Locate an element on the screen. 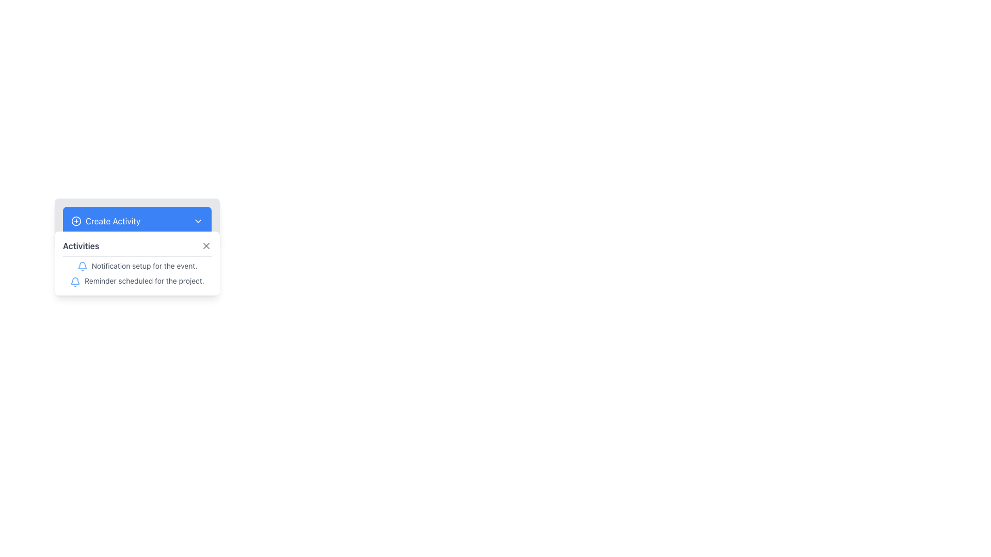 This screenshot has width=991, height=557. the 'X' icon located at the top right section of the dropdown panel labeled 'Activities' is located at coordinates (206, 246).